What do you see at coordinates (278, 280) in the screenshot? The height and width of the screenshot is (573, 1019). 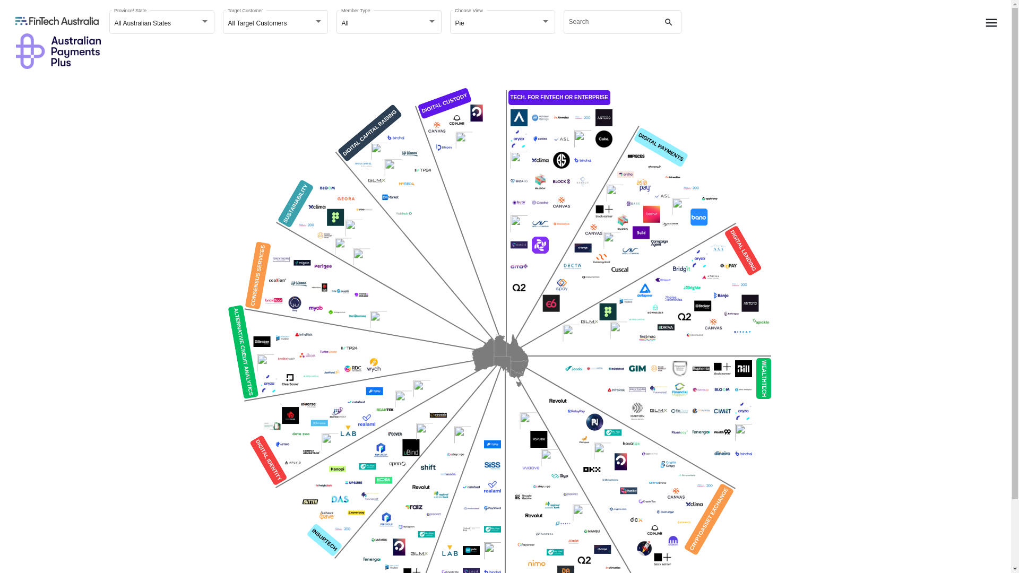 I see `'Coaxion'` at bounding box center [278, 280].